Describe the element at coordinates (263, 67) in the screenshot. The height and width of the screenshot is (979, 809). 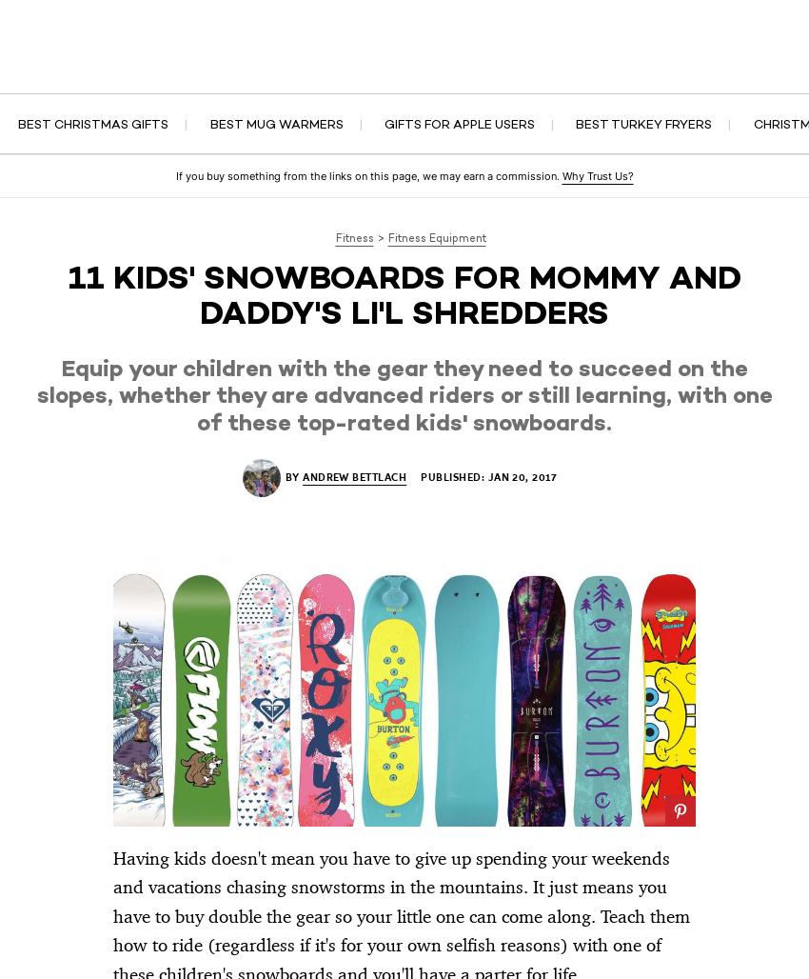
I see `'Home'` at that location.